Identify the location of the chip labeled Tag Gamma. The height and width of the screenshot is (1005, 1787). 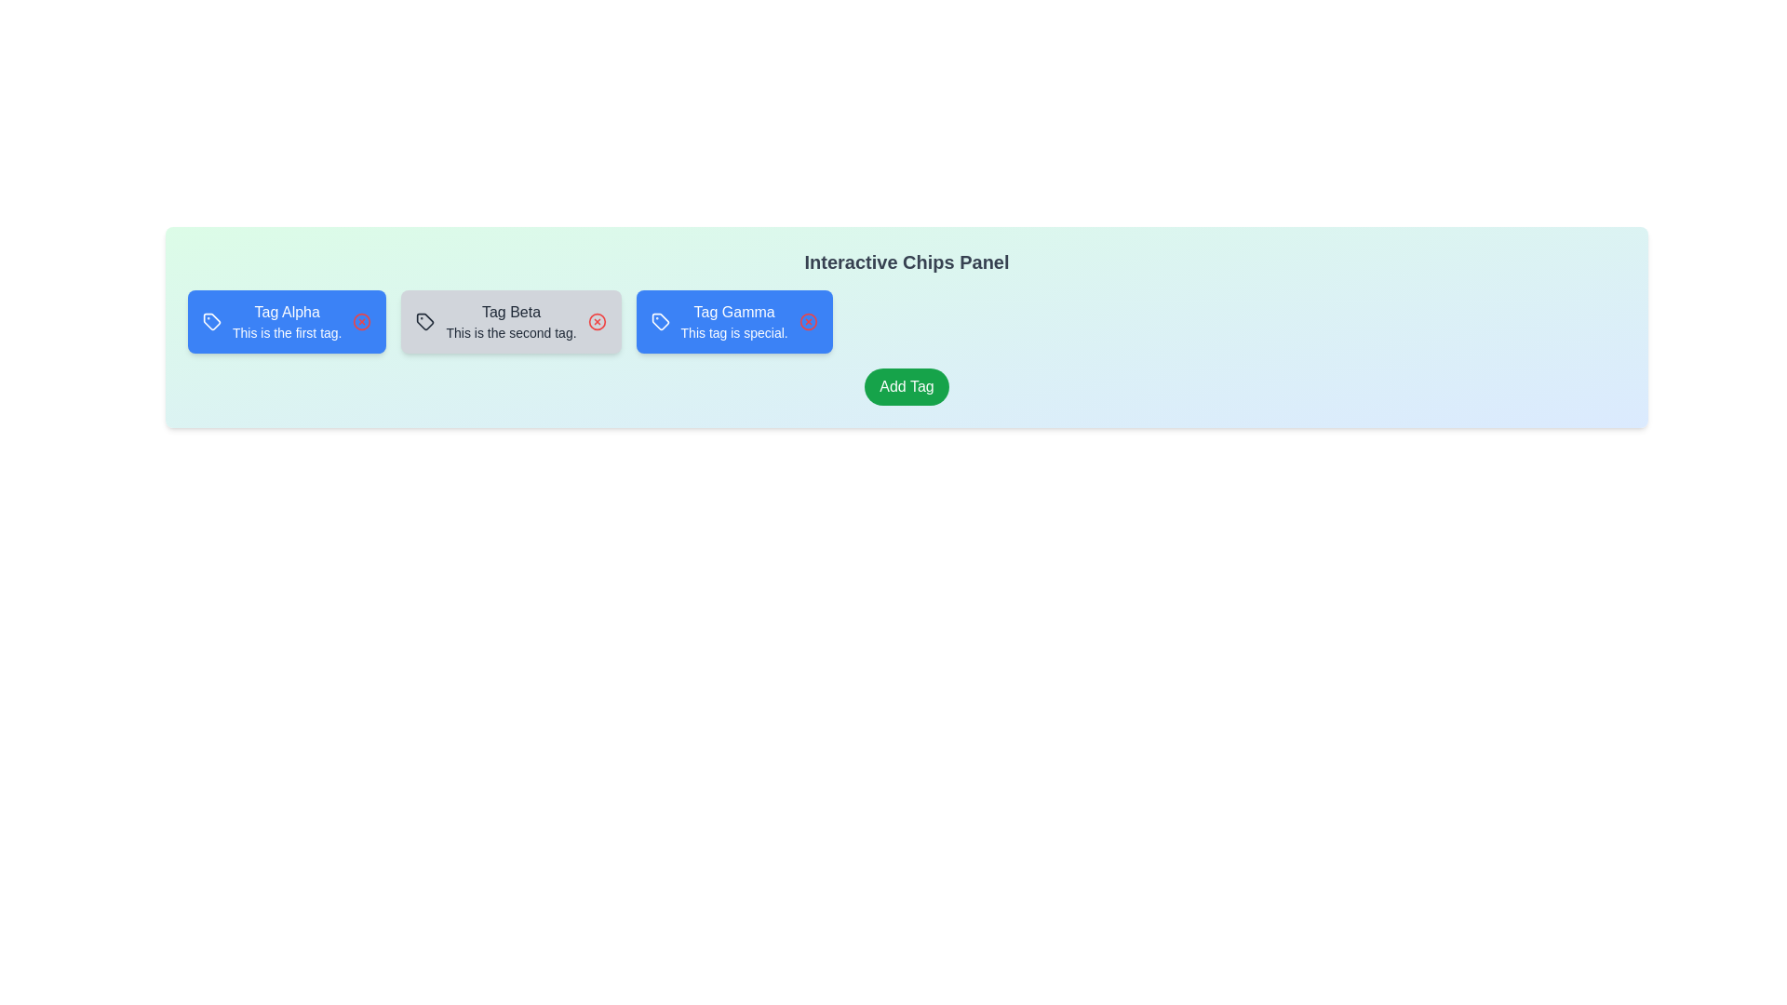
(733, 321).